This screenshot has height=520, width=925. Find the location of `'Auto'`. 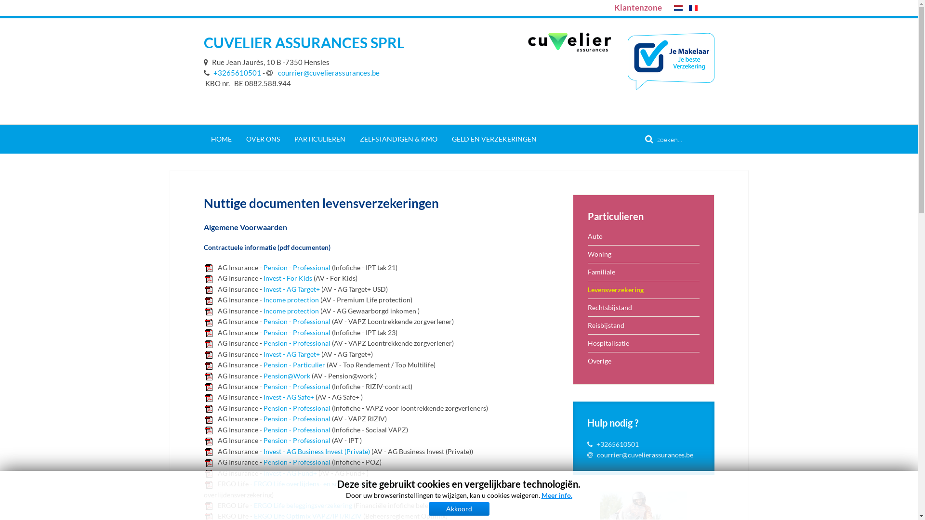

'Auto' is located at coordinates (643, 236).